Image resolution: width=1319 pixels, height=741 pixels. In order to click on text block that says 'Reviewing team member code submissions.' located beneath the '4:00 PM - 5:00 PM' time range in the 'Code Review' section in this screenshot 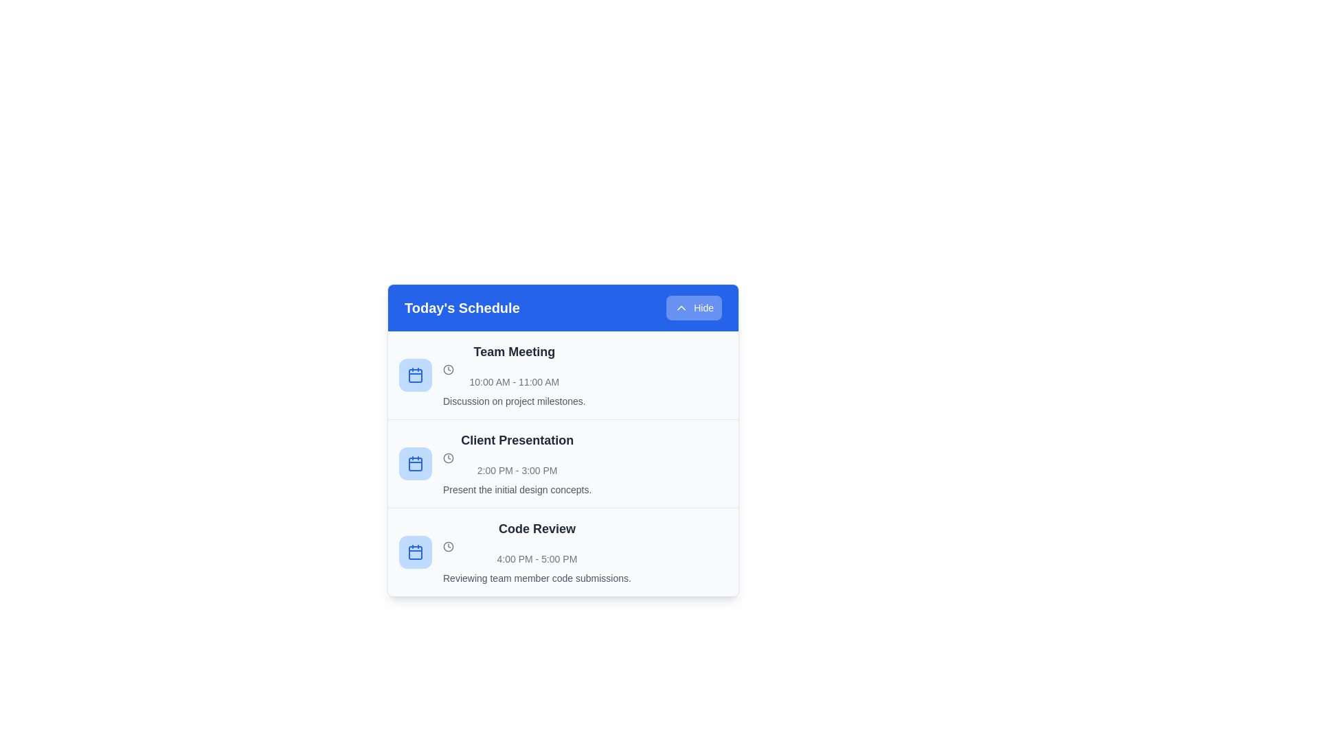, I will do `click(537, 578)`.